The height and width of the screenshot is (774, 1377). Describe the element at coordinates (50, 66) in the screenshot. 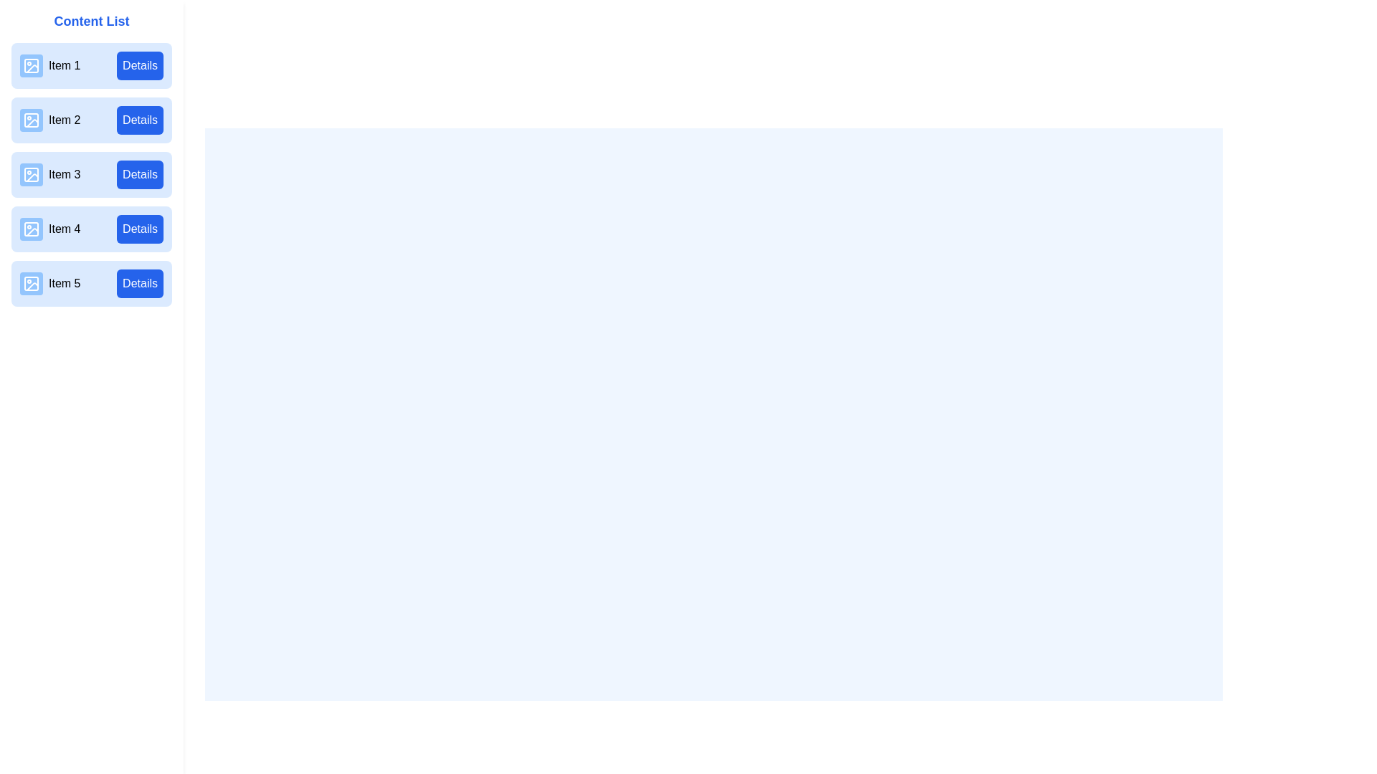

I see `the text label displaying 'Item 1' which is situated next to an image icon within the first card of a vertically aligned list` at that location.